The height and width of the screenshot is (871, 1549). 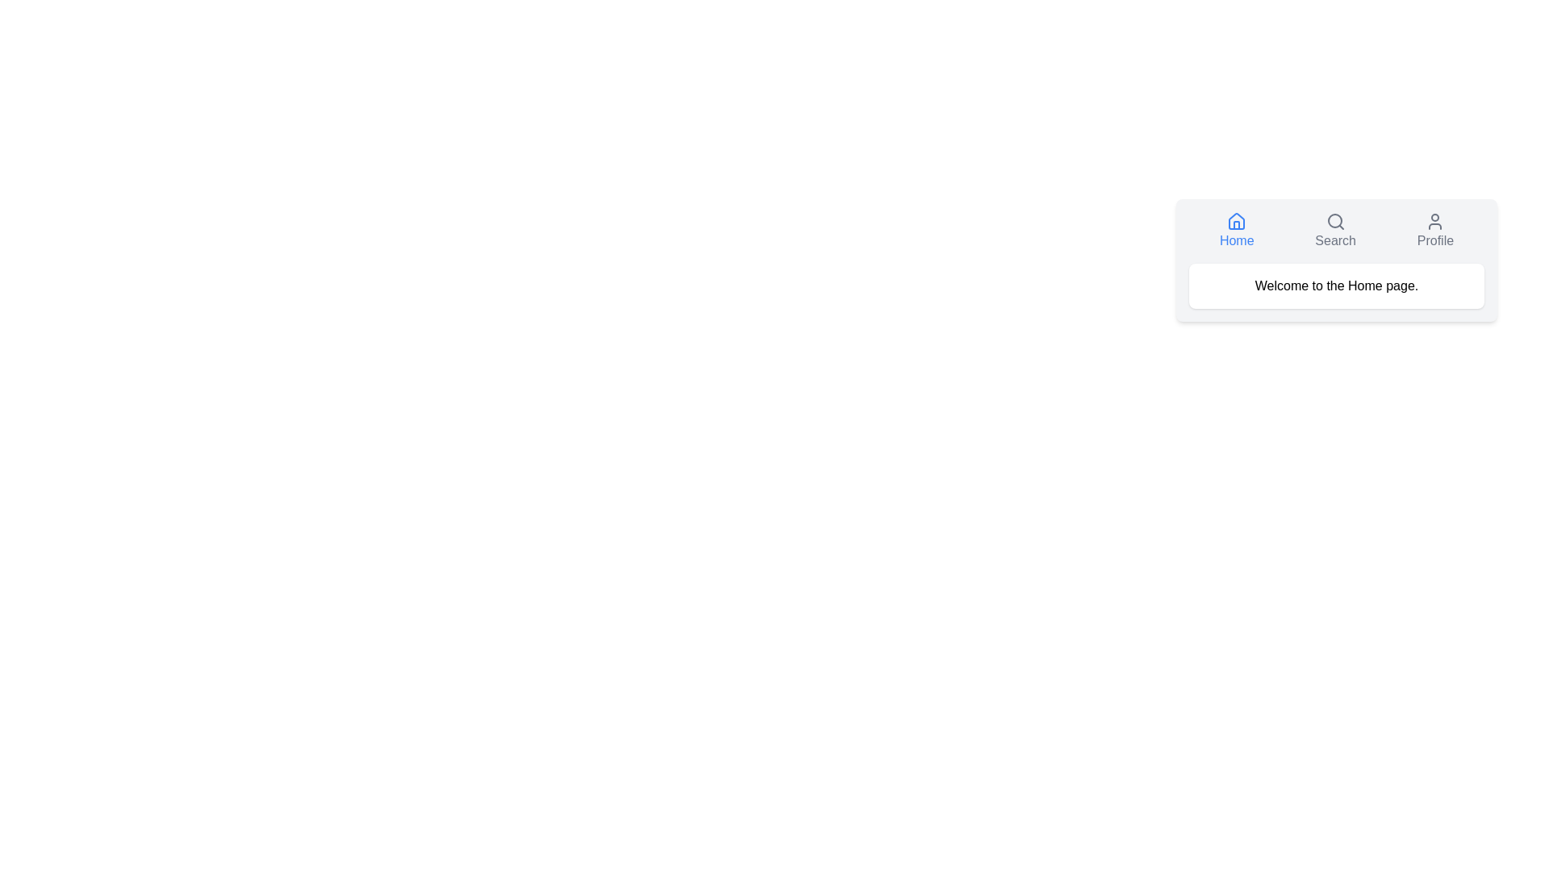 I want to click on the welcoming message text label displayed on the home page, which is centered within a white card below the navigation bar, so click(x=1336, y=285).